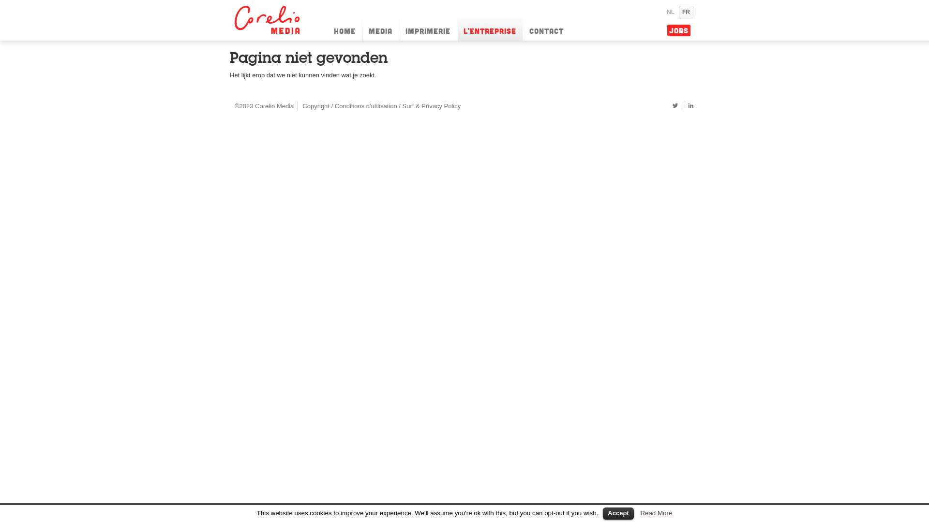 The width and height of the screenshot is (929, 522). What do you see at coordinates (685, 12) in the screenshot?
I see `'FR'` at bounding box center [685, 12].